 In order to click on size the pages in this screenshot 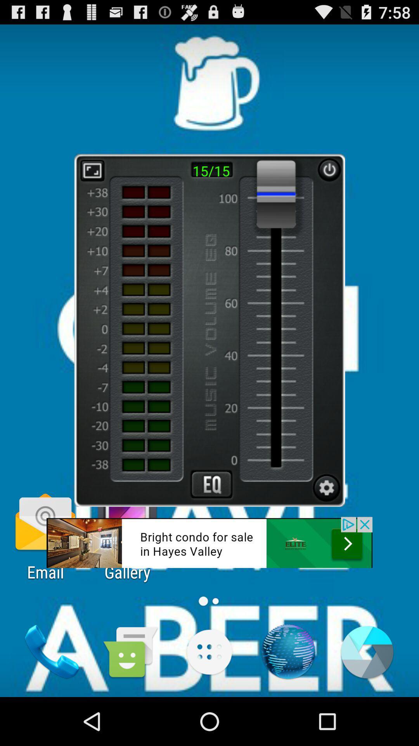, I will do `click(92, 170)`.